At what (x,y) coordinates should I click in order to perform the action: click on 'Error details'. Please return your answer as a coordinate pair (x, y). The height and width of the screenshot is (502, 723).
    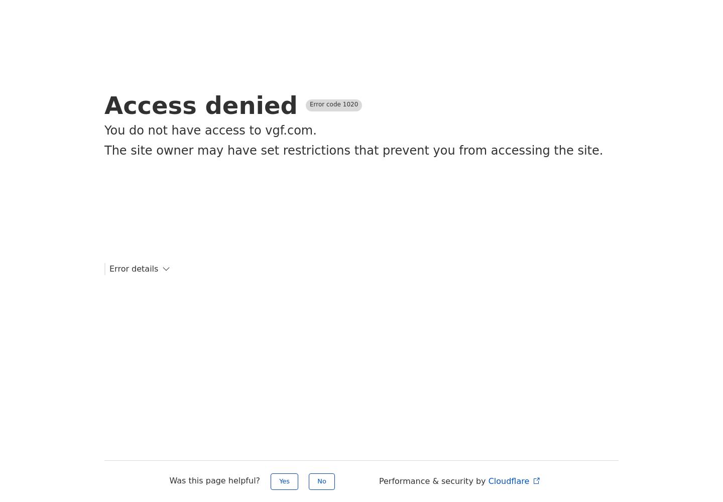
    Looking at the image, I should click on (133, 269).